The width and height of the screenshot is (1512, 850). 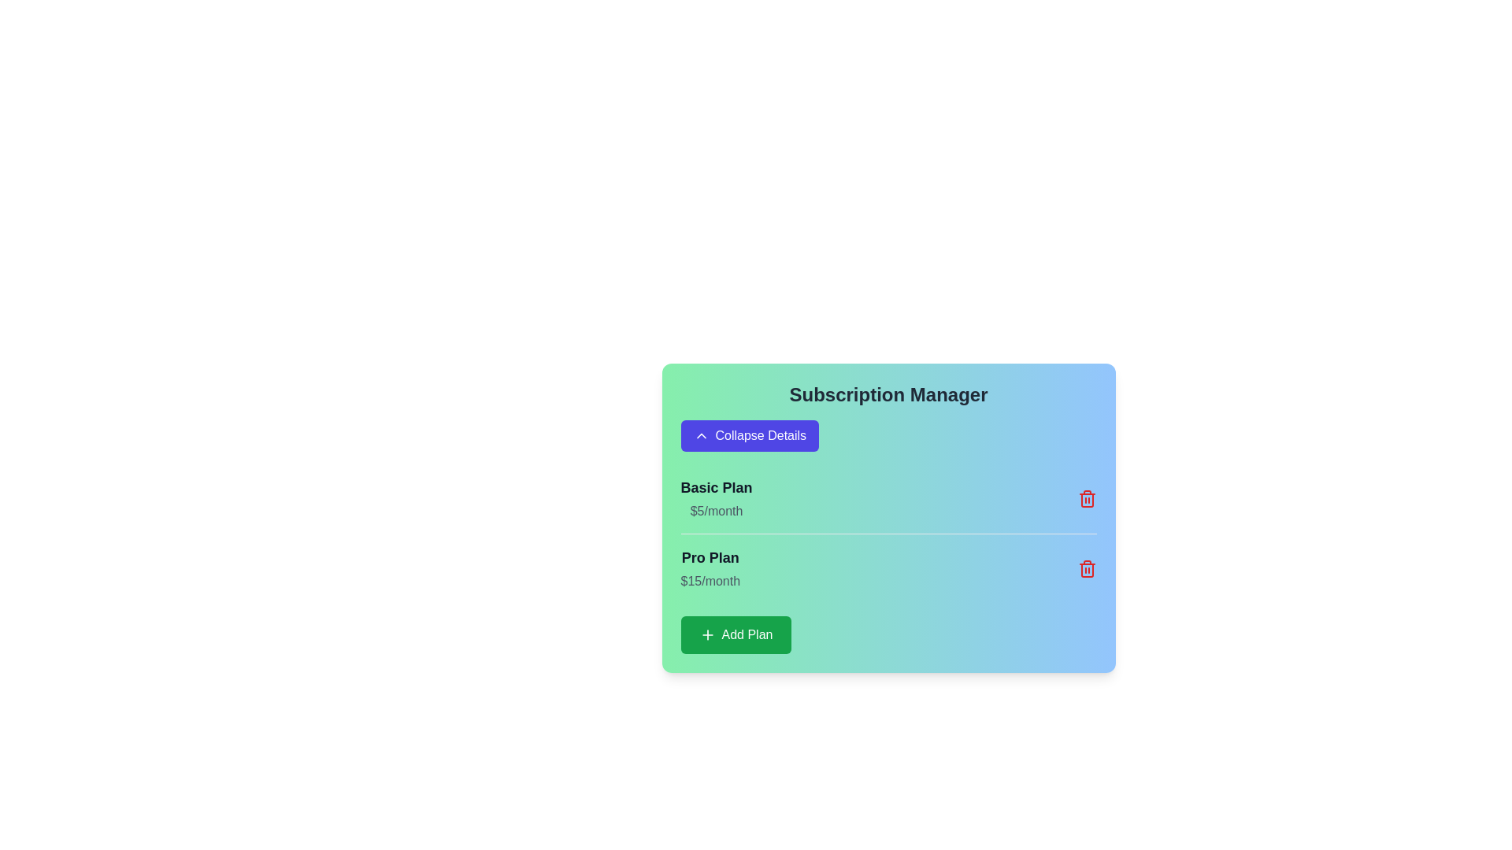 I want to click on the red trash bin icon button in the 'Subscription Manager' interface, so click(x=1086, y=568).